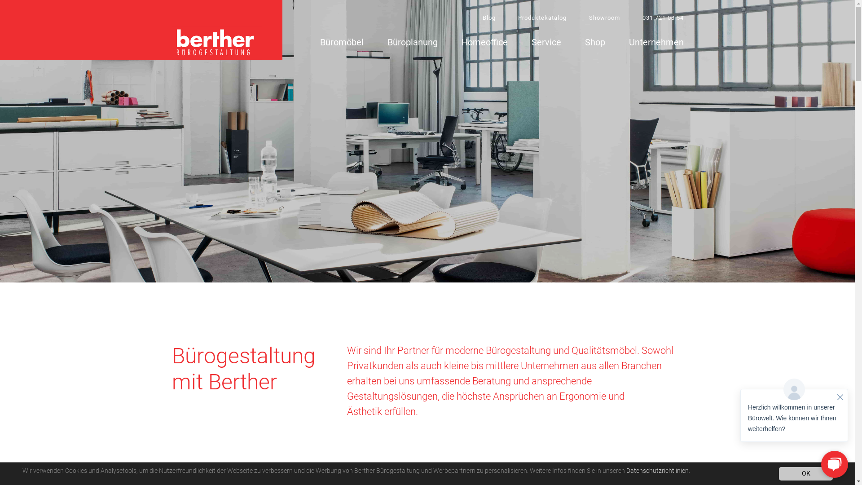 This screenshot has width=862, height=485. Describe the element at coordinates (488, 18) in the screenshot. I see `'Blog'` at that location.